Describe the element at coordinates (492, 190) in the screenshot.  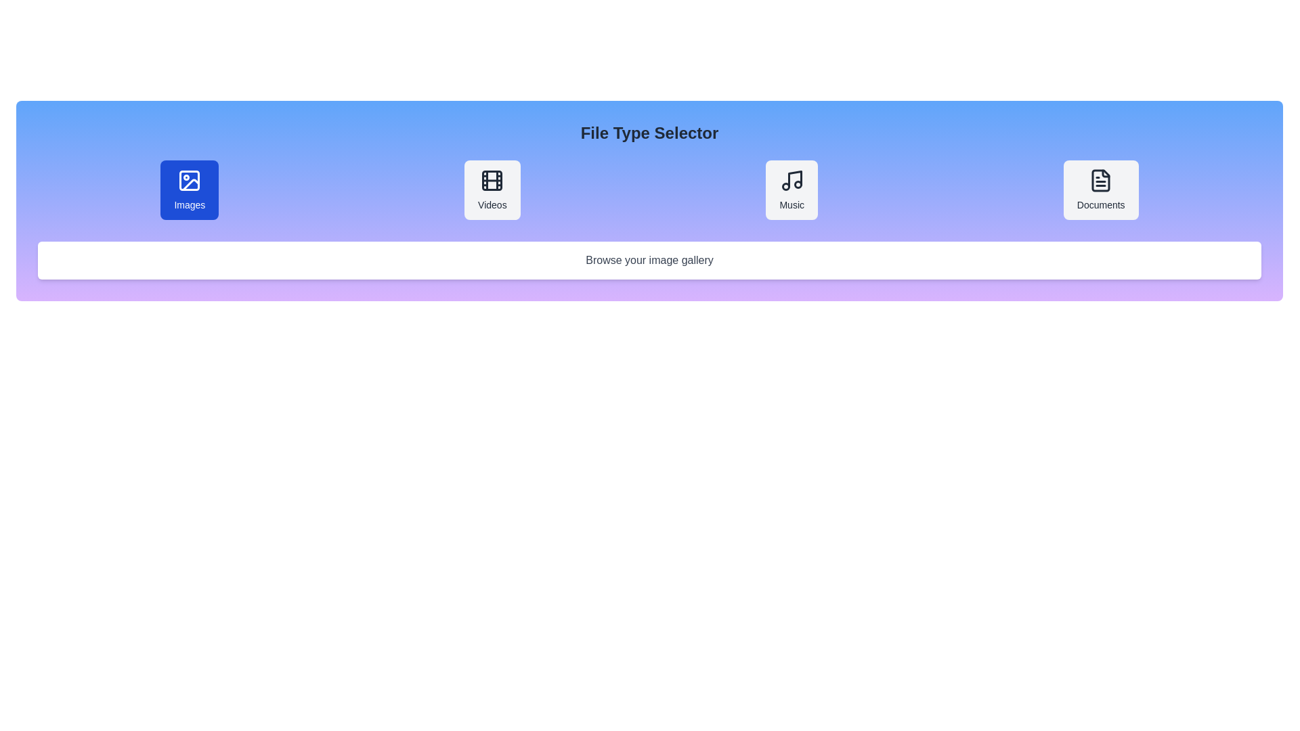
I see `the button corresponding to the file type Videos` at that location.